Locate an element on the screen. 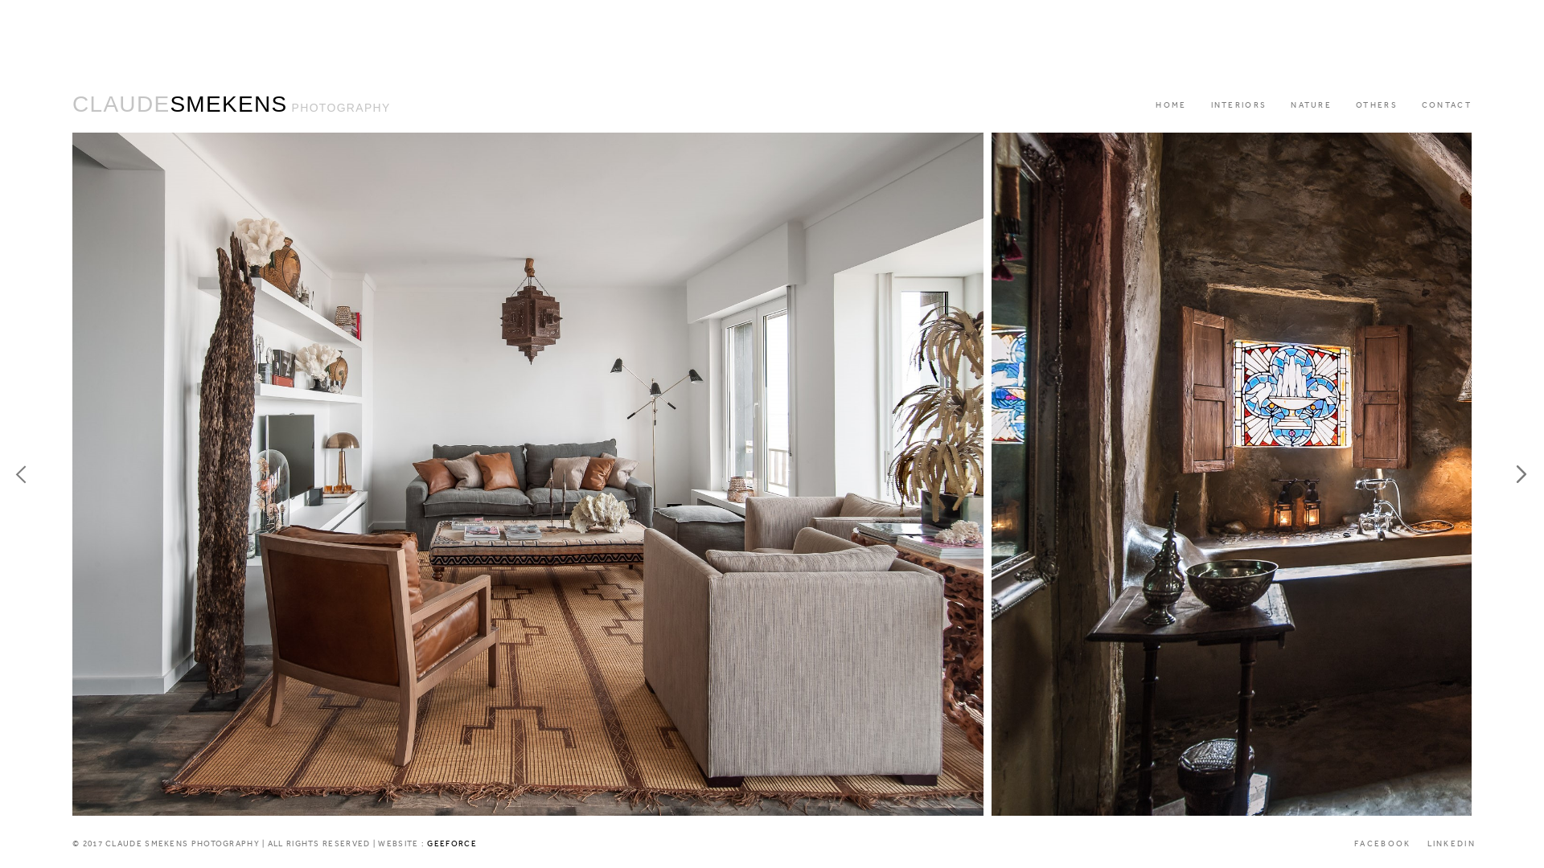 The width and height of the screenshot is (1544, 868). 'INTERIORS' is located at coordinates (1238, 105).